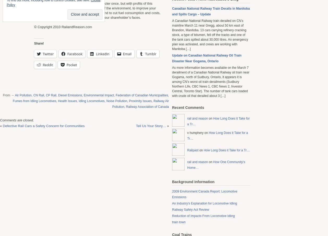  What do you see at coordinates (45, 95) in the screenshot?
I see `'CP Rail'` at bounding box center [45, 95].